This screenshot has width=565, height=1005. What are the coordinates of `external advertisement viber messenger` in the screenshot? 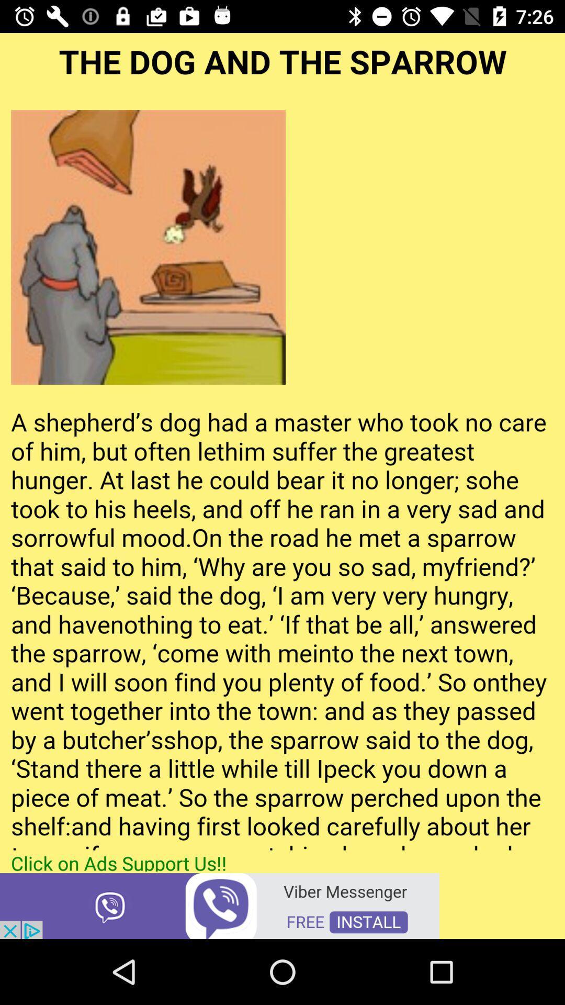 It's located at (219, 904).